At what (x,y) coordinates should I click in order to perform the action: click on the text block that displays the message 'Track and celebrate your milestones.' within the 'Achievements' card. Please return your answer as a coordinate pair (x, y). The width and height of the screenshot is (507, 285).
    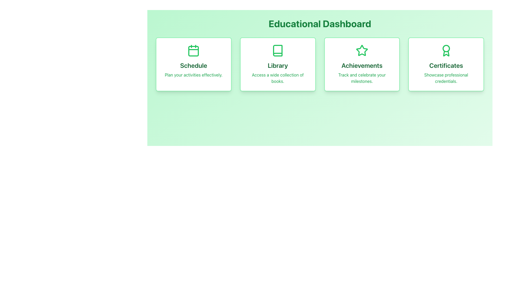
    Looking at the image, I should click on (362, 78).